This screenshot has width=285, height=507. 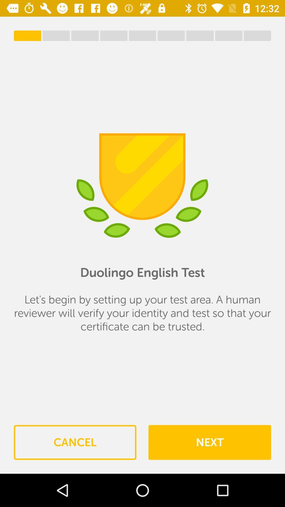 What do you see at coordinates (75, 442) in the screenshot?
I see `the cancel` at bounding box center [75, 442].